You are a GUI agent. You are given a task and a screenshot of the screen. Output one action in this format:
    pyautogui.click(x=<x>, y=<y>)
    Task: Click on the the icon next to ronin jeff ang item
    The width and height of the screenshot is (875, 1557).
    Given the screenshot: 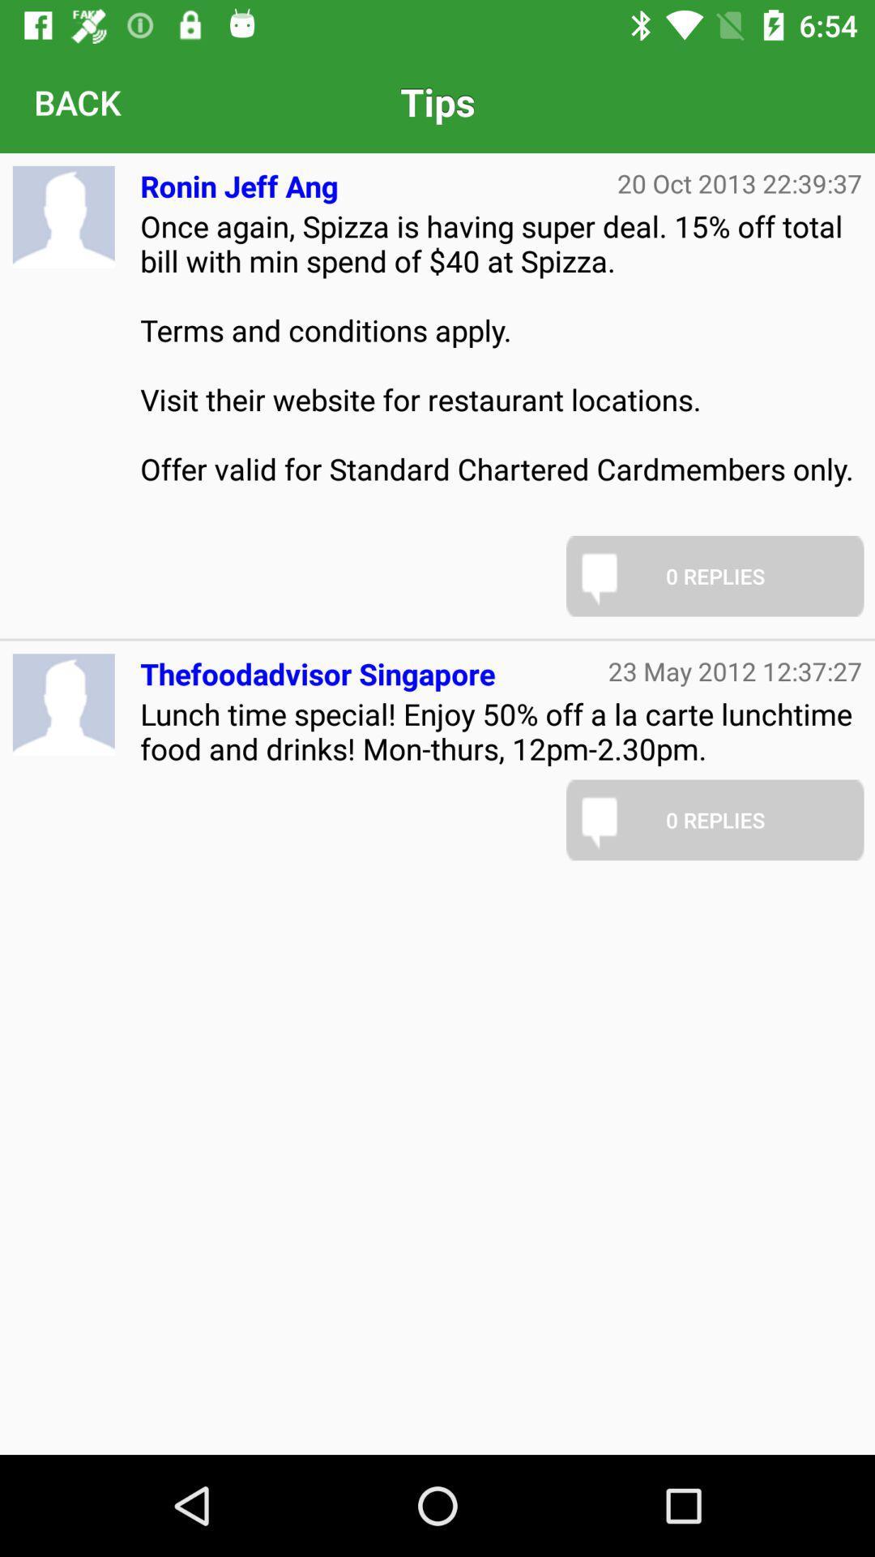 What is the action you would take?
    pyautogui.click(x=740, y=183)
    